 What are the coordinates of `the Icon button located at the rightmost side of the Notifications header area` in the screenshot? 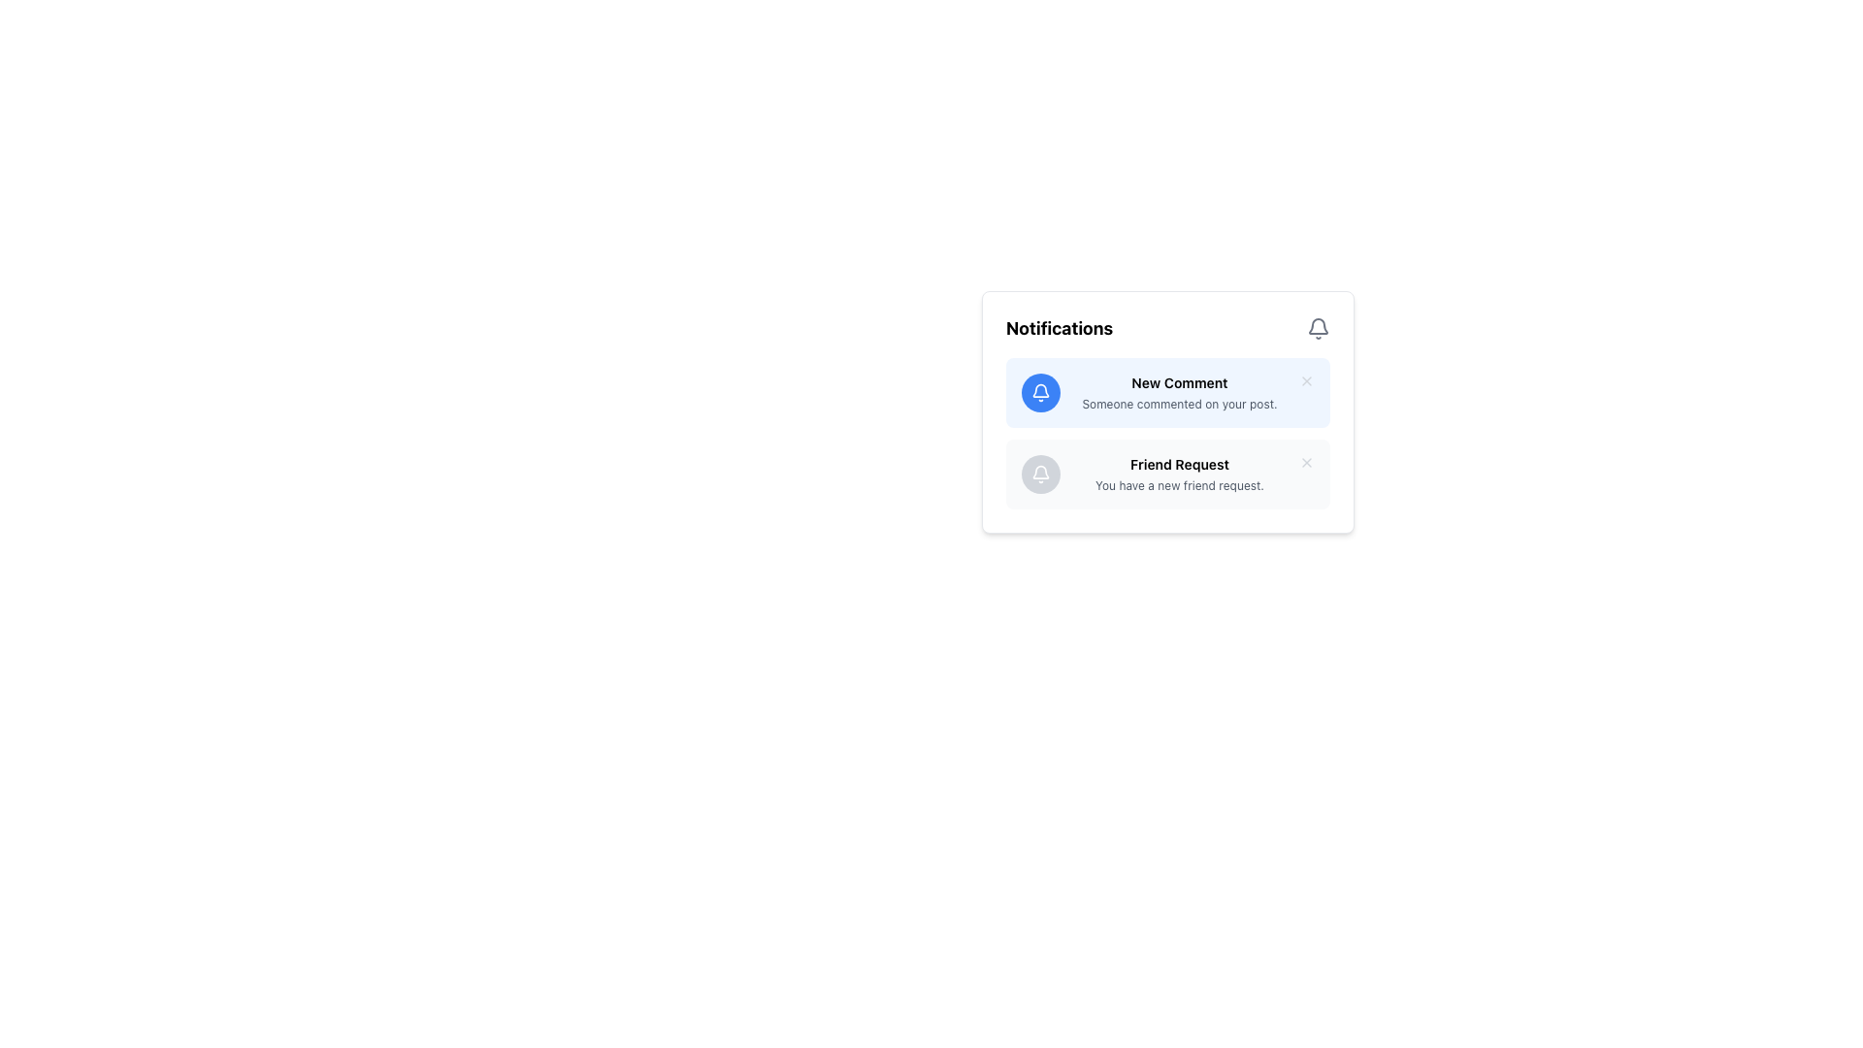 It's located at (1318, 328).